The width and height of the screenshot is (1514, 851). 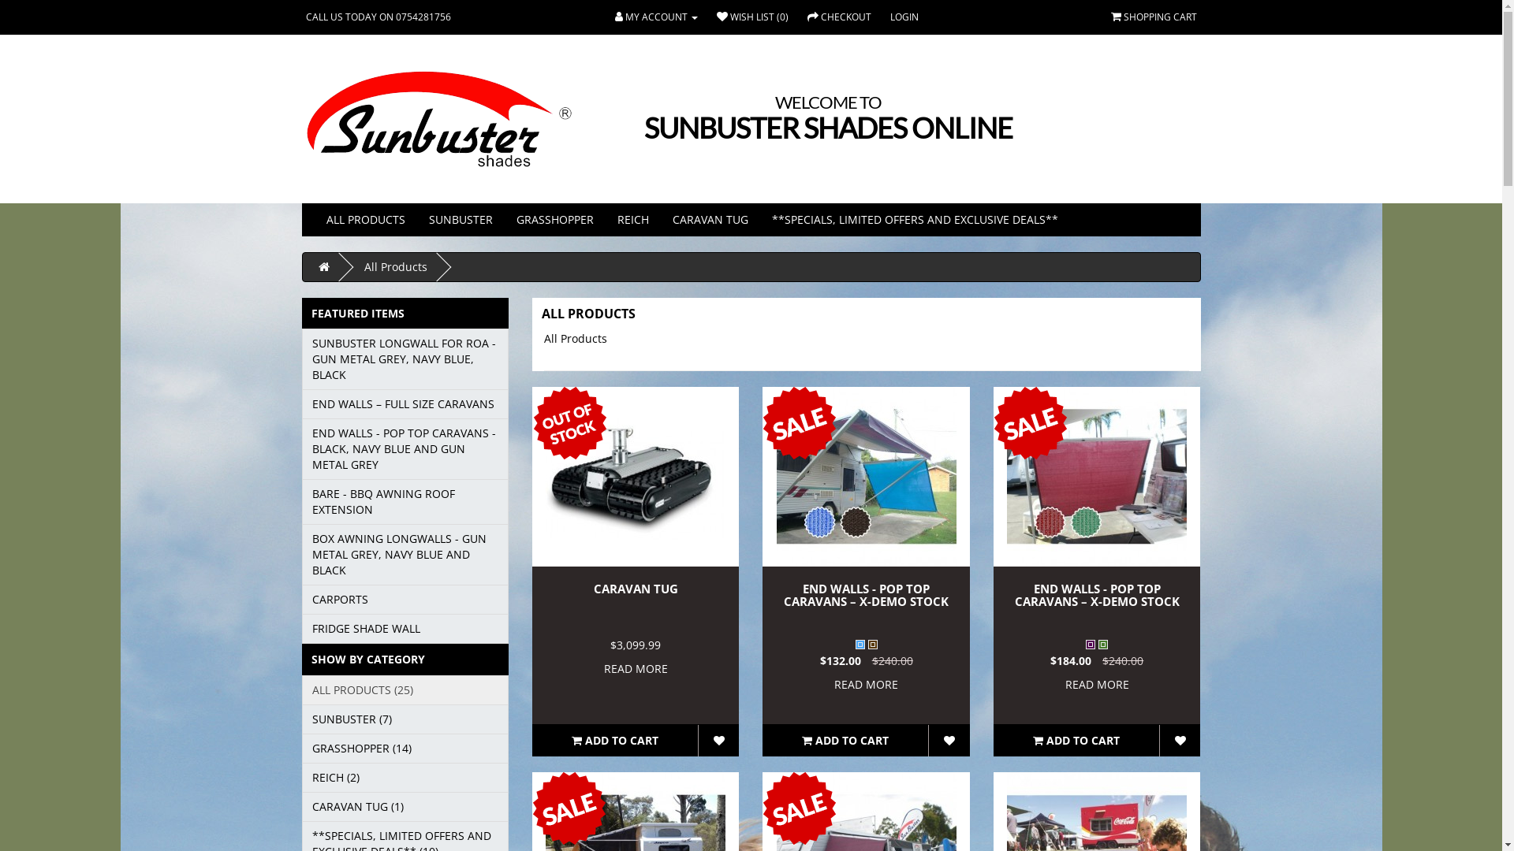 I want to click on 'FRIDGE SHADE WALL', so click(x=405, y=628).